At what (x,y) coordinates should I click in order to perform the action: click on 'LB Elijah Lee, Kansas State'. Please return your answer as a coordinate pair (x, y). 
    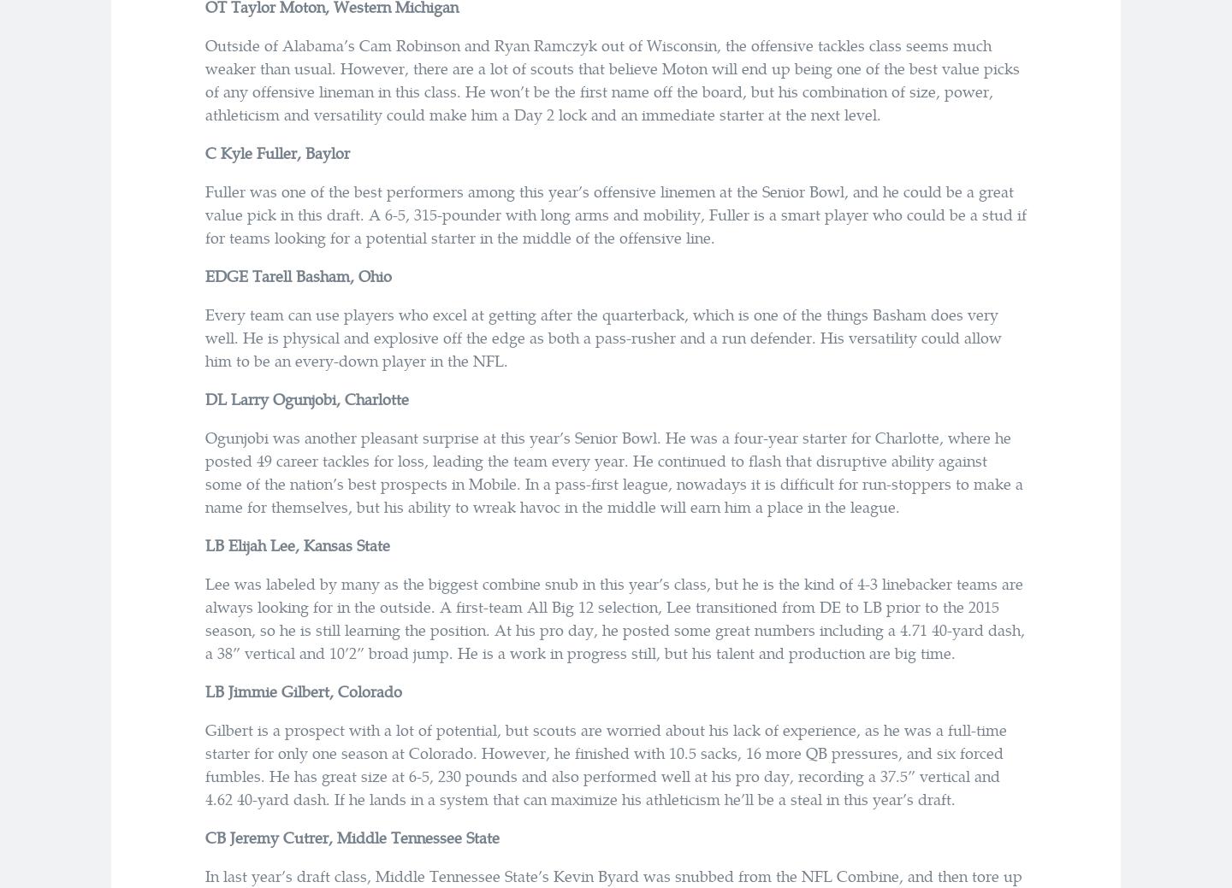
    Looking at the image, I should click on (298, 544).